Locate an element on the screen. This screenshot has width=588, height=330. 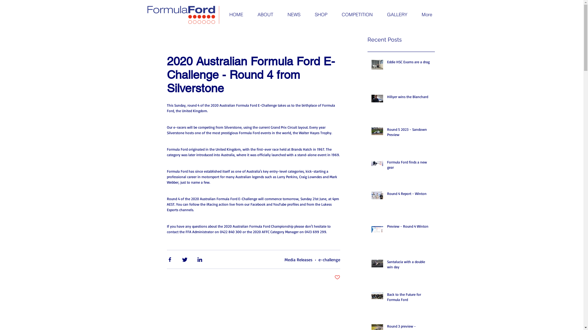
'Post not marked as liked' is located at coordinates (337, 277).